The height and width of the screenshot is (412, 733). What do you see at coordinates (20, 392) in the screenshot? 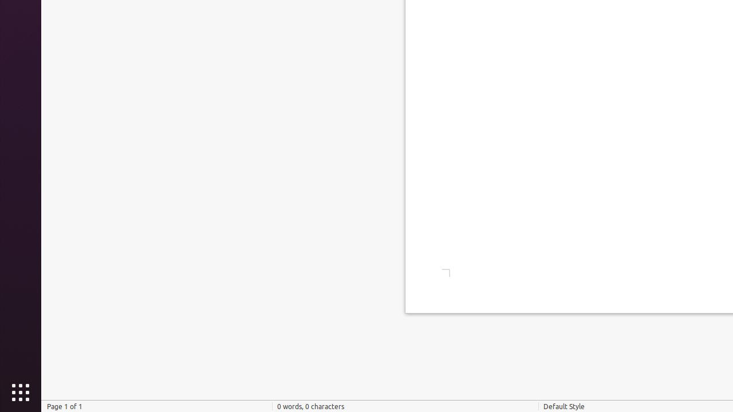
I see `'Show Applications'` at bounding box center [20, 392].